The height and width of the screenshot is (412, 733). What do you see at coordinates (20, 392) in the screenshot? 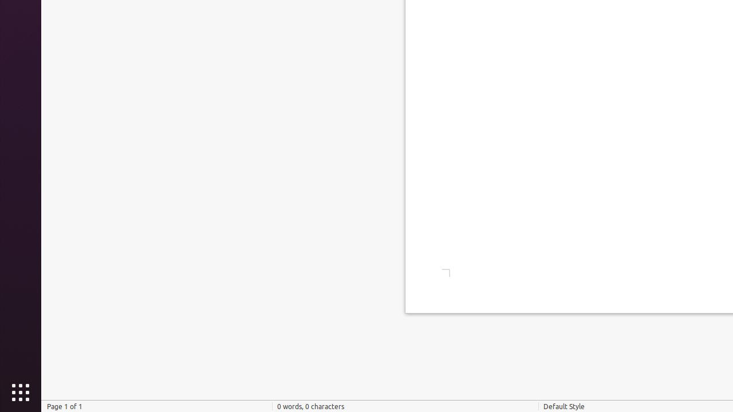
I see `'Show Applications'` at bounding box center [20, 392].